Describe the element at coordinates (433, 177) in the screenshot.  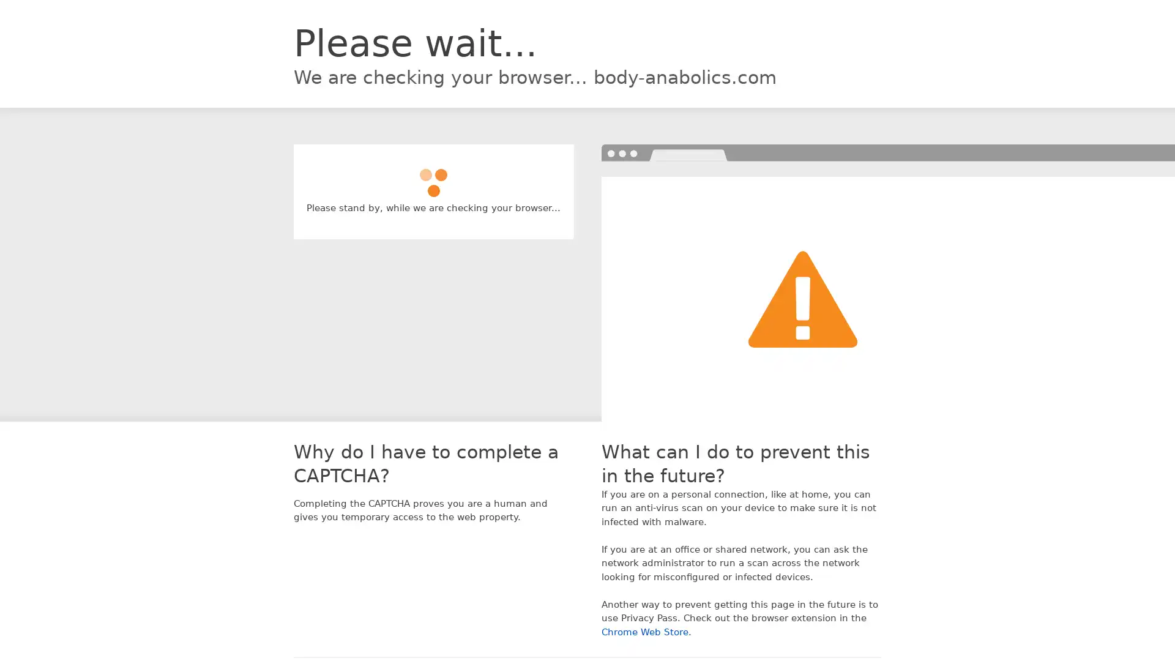
I see `Verify I am not a bot` at that location.